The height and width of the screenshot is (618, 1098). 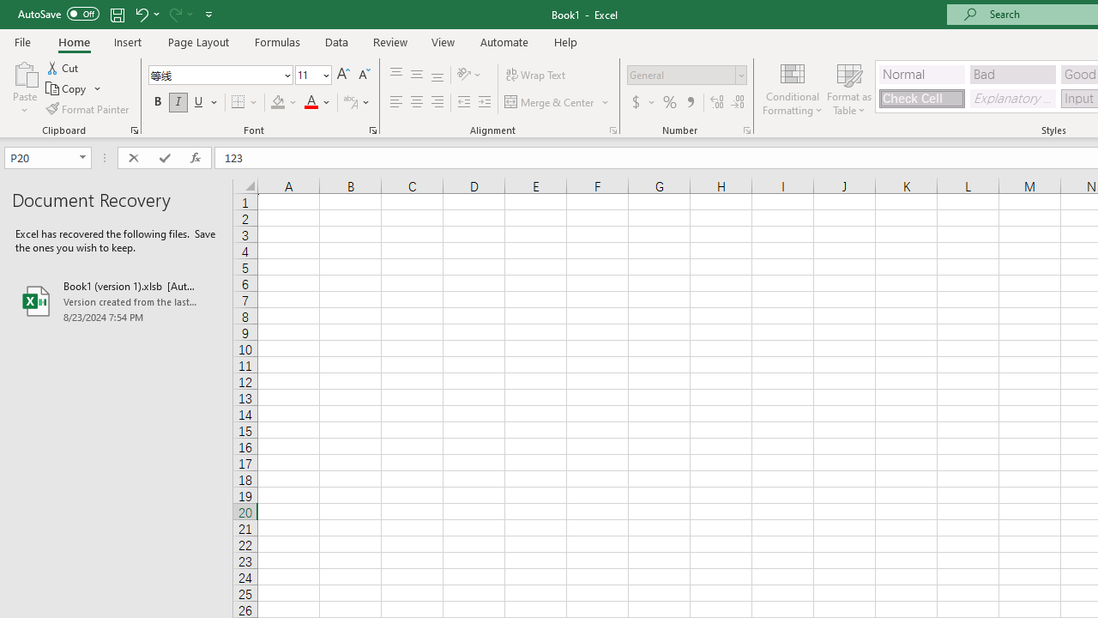 What do you see at coordinates (558, 102) in the screenshot?
I see `'Merge & Center'` at bounding box center [558, 102].